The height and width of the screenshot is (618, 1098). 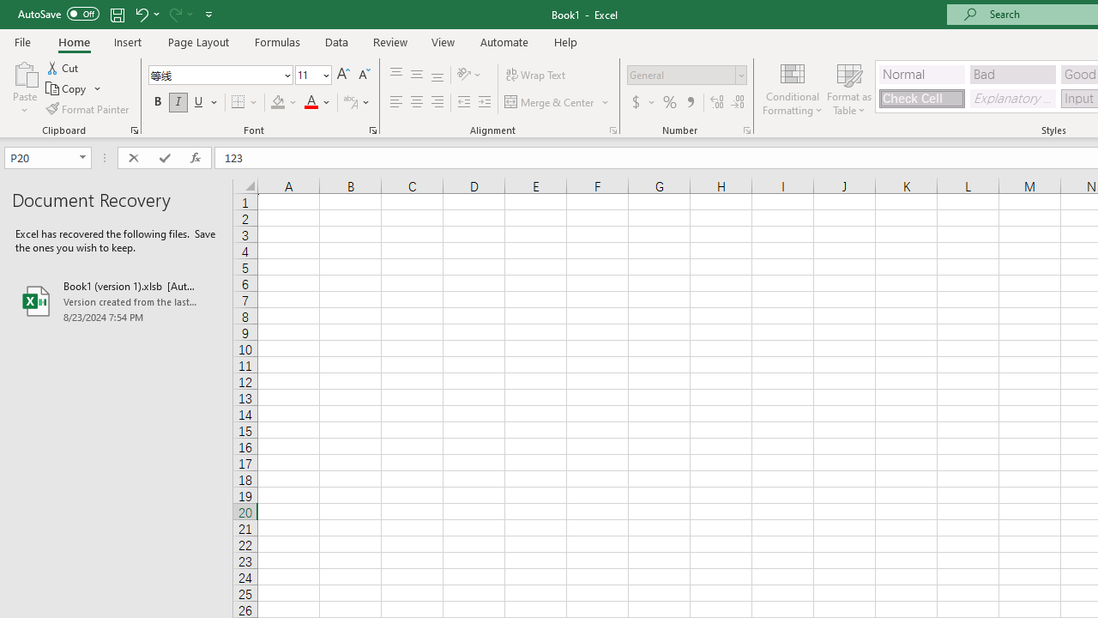 What do you see at coordinates (558, 102) in the screenshot?
I see `'Merge & Center'` at bounding box center [558, 102].